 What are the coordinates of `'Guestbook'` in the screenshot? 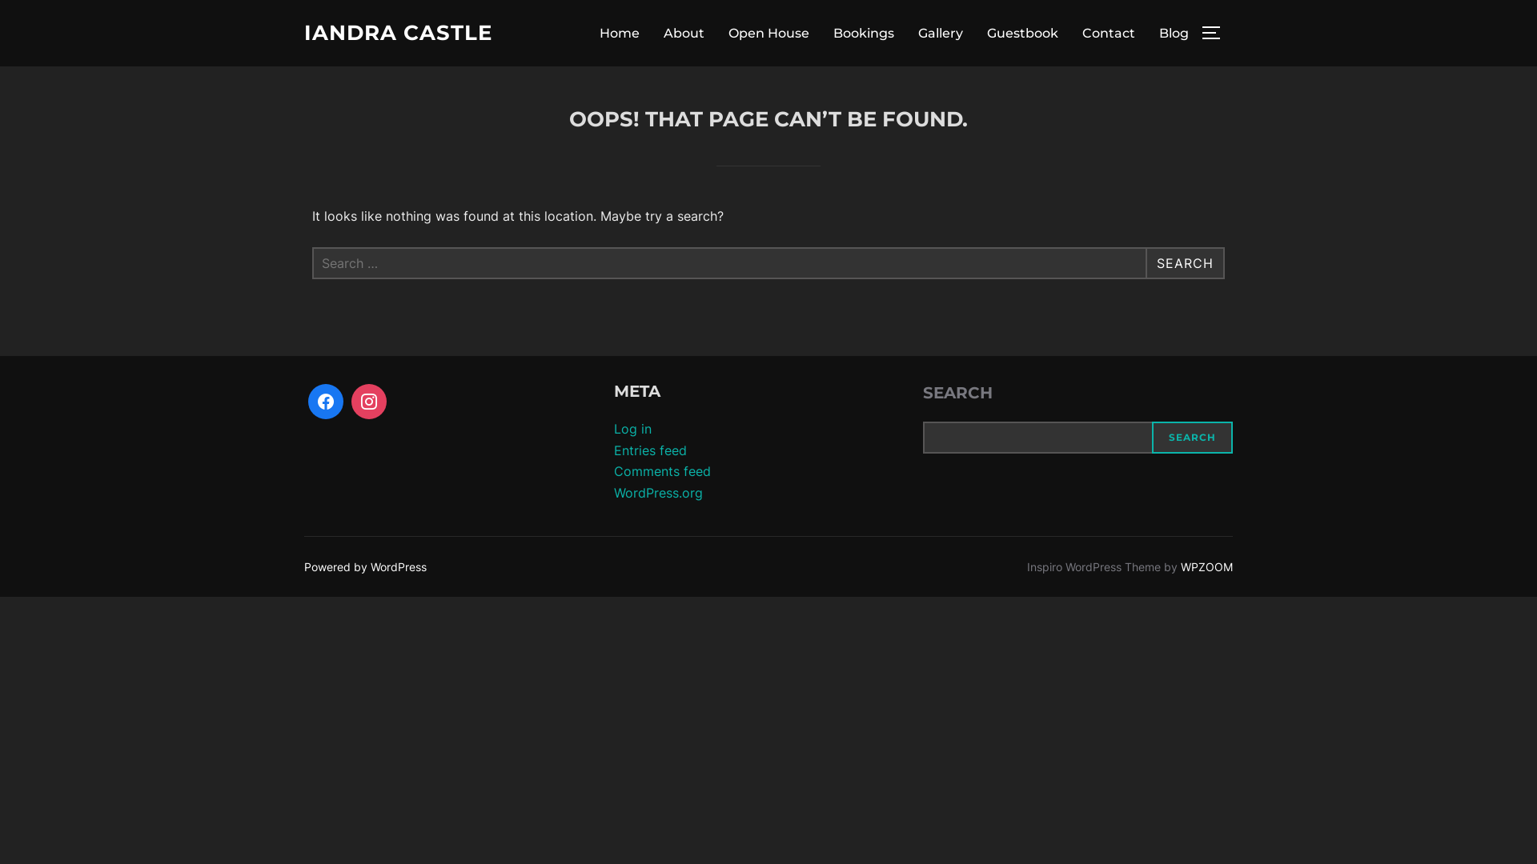 It's located at (1021, 33).